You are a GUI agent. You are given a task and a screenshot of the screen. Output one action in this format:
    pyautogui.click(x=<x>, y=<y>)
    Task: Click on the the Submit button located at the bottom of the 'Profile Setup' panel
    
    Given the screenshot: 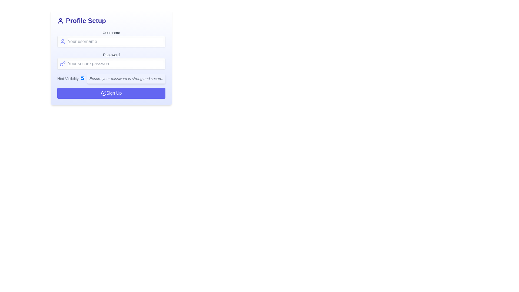 What is the action you would take?
    pyautogui.click(x=111, y=93)
    